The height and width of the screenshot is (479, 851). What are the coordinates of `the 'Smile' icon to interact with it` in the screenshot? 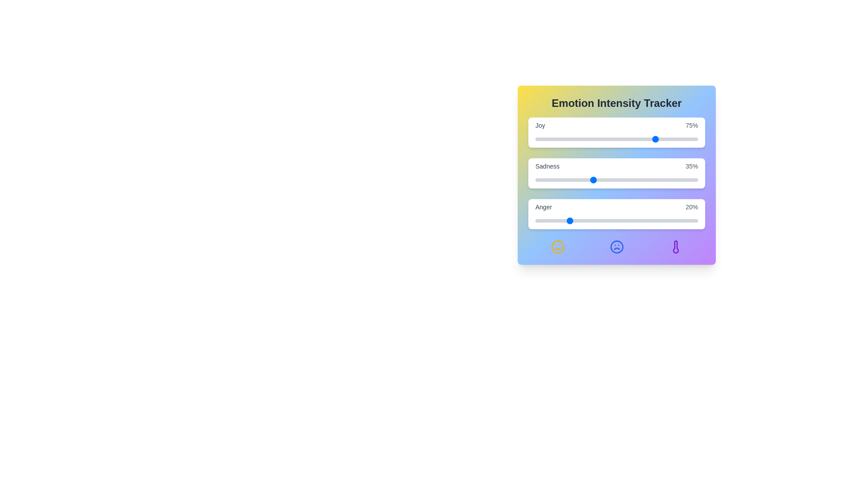 It's located at (557, 247).